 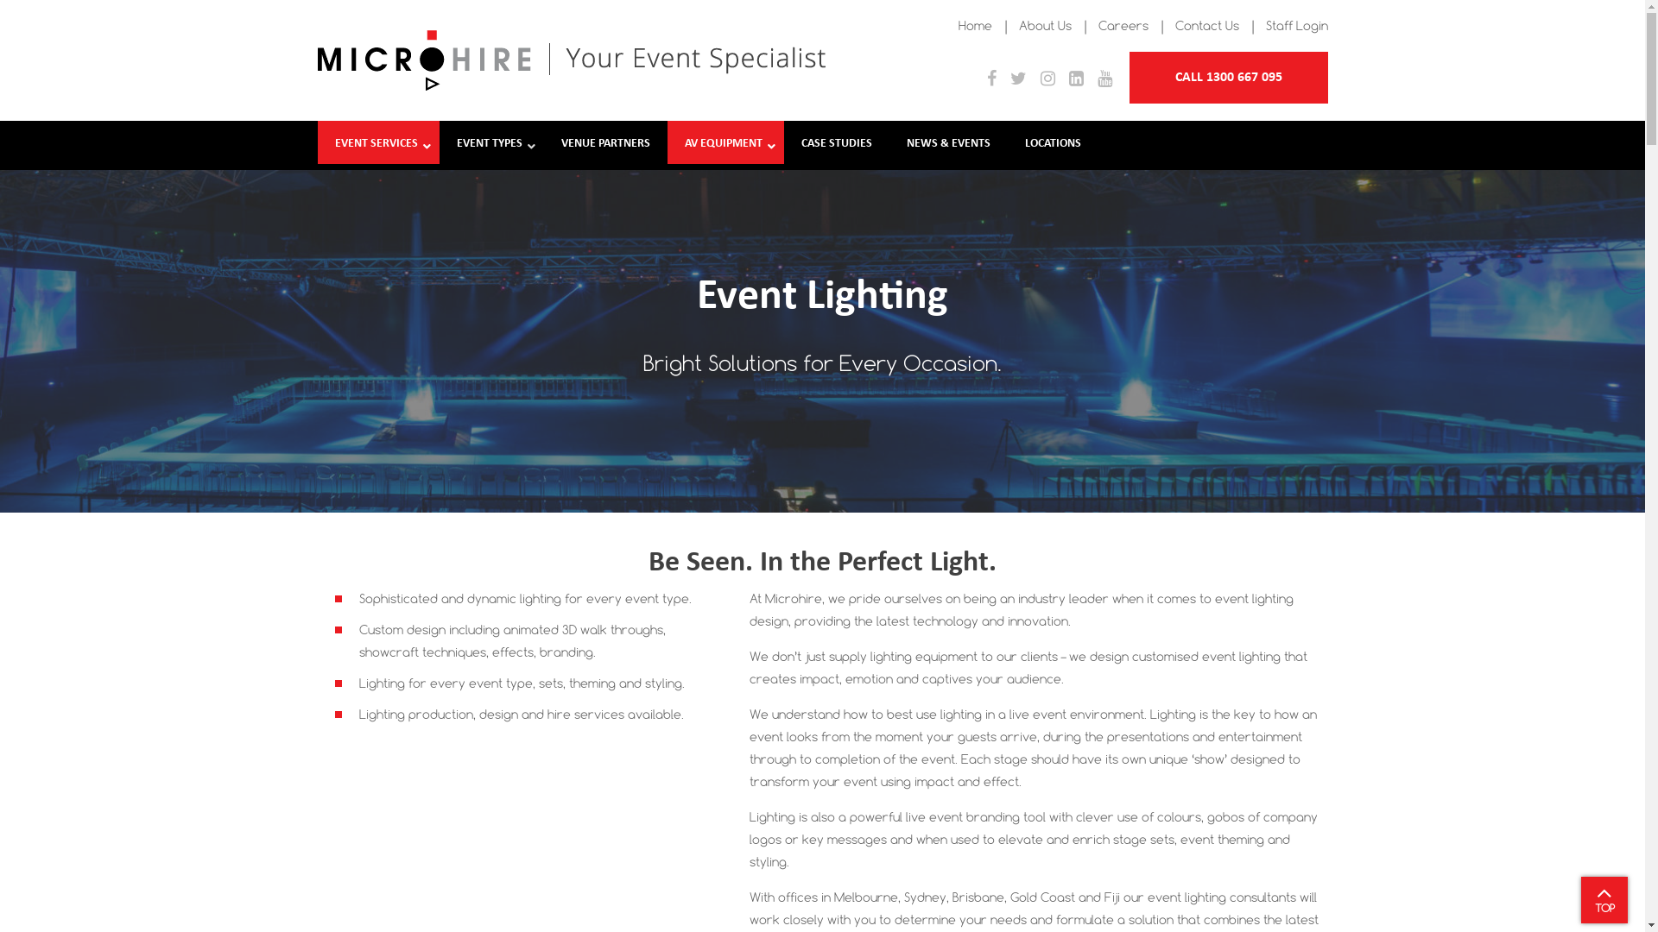 I want to click on 'Facebook', so click(x=990, y=79).